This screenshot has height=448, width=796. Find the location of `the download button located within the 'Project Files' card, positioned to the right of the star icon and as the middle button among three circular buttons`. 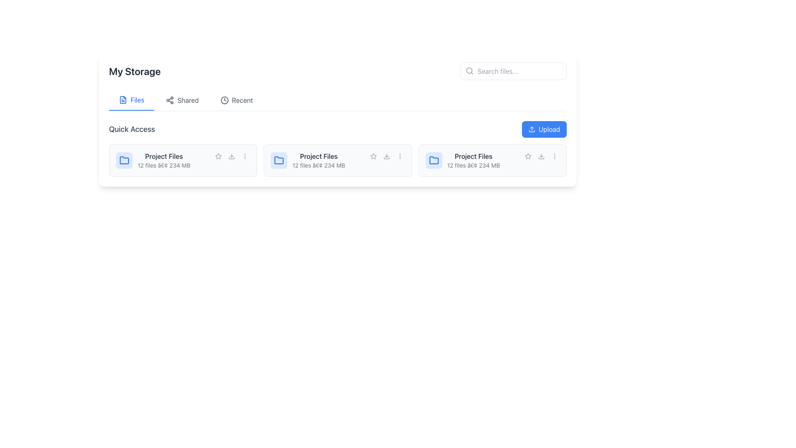

the download button located within the 'Project Files' card, positioned to the right of the star icon and as the middle button among three circular buttons is located at coordinates (386, 156).